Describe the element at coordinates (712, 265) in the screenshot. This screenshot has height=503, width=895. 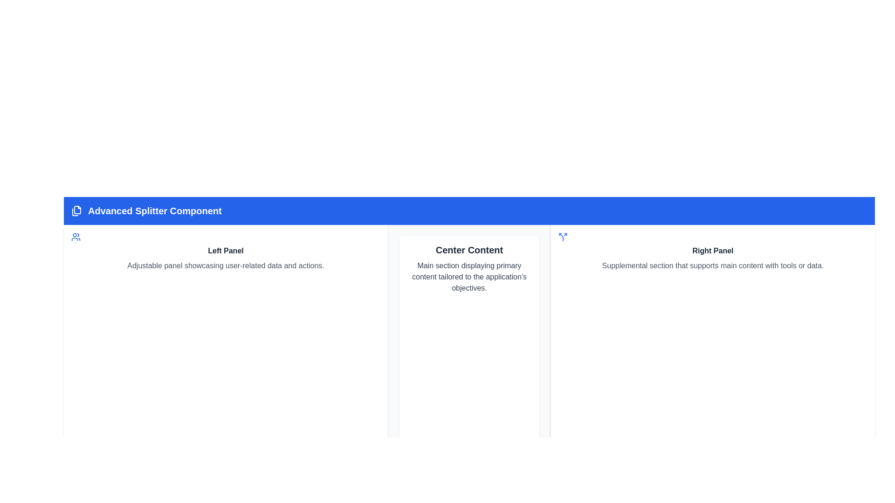
I see `text content of the descriptive label located in the Right Panel, directly below the Right Panel heading` at that location.